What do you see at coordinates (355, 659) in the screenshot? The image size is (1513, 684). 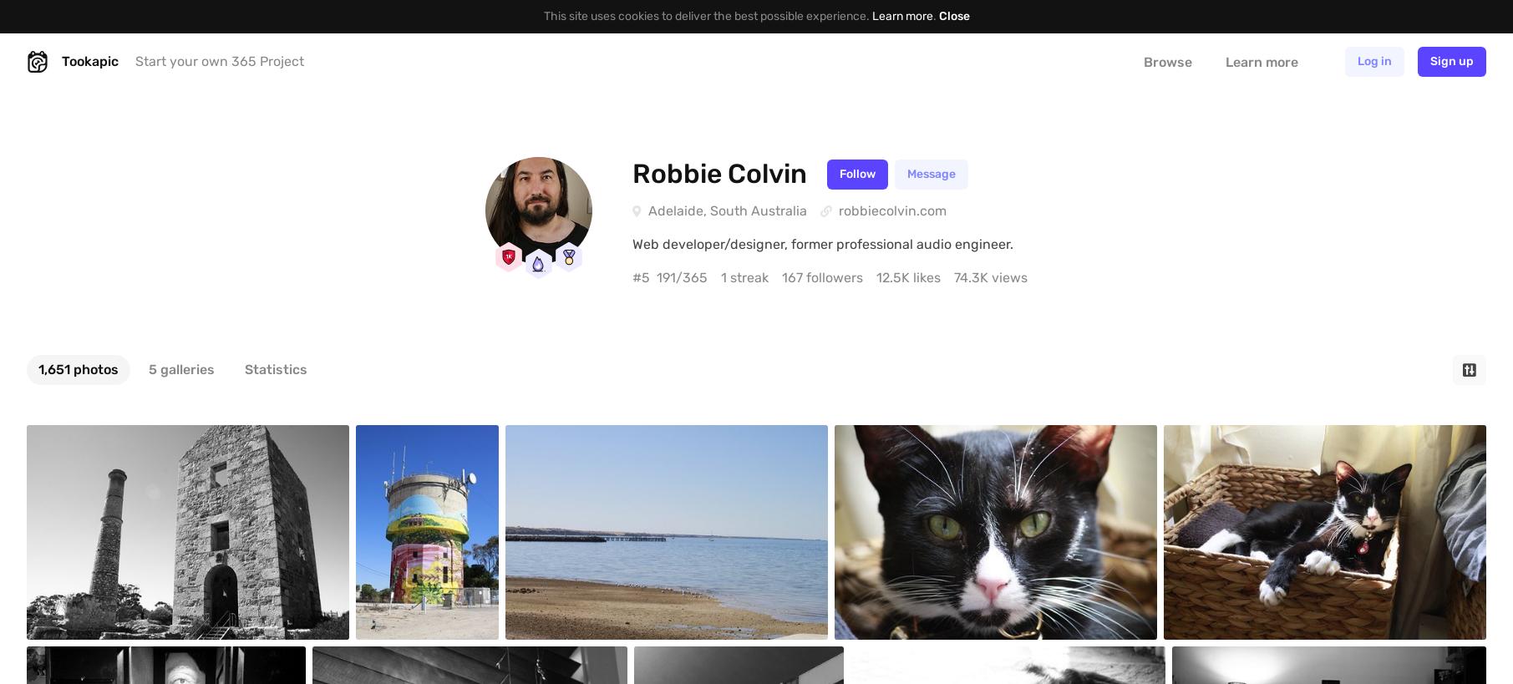 I see `'Feb 22nd, 2021'` at bounding box center [355, 659].